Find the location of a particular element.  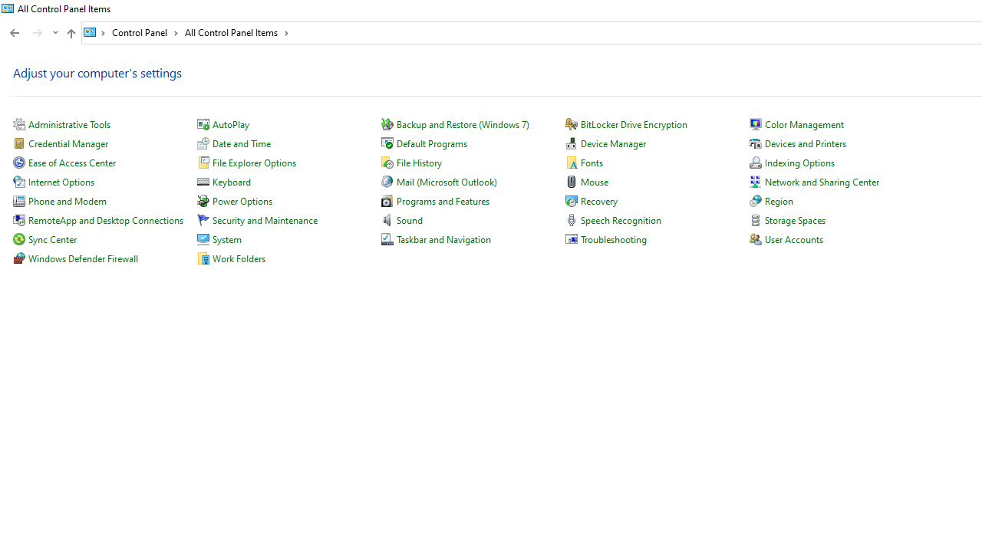

'Phone and Modem' is located at coordinates (66, 200).